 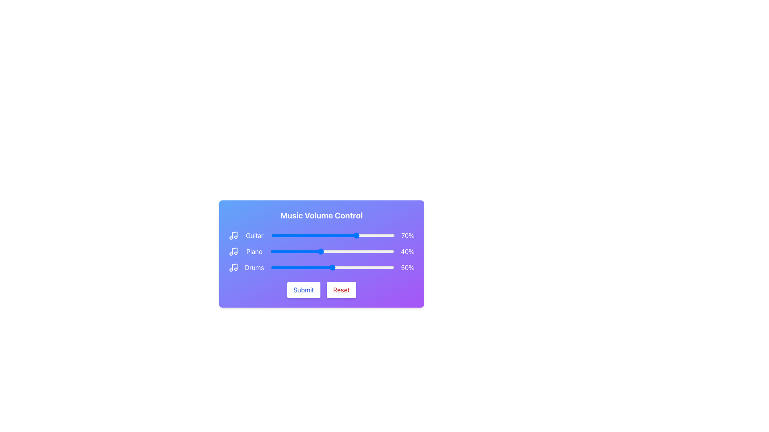 I want to click on the Piano slider, so click(x=298, y=251).